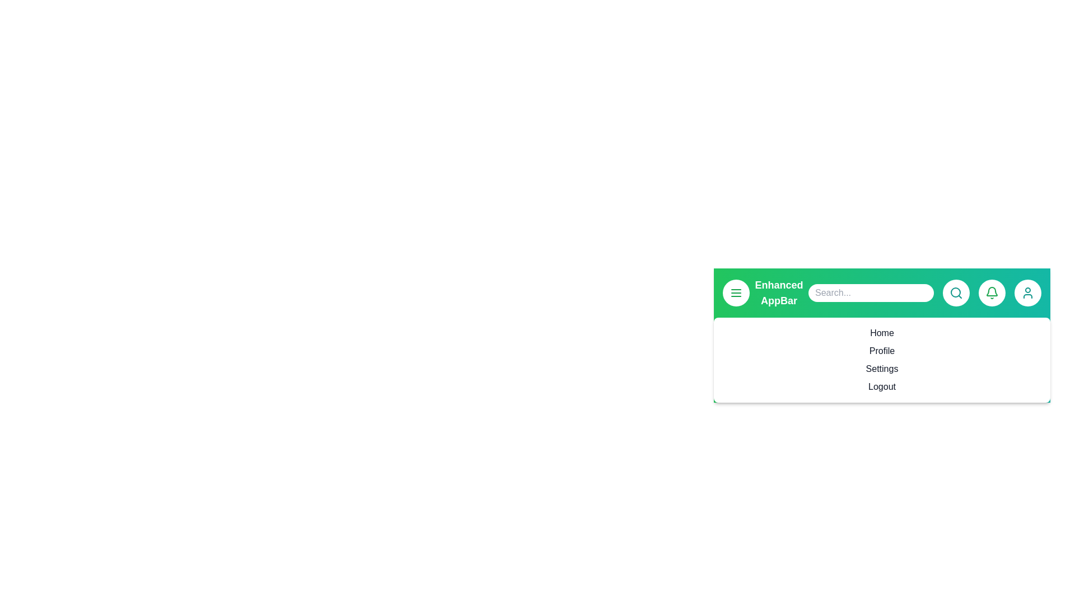 The height and width of the screenshot is (604, 1075). What do you see at coordinates (881, 351) in the screenshot?
I see `the menu item Profile from the EnhancedAppBar` at bounding box center [881, 351].